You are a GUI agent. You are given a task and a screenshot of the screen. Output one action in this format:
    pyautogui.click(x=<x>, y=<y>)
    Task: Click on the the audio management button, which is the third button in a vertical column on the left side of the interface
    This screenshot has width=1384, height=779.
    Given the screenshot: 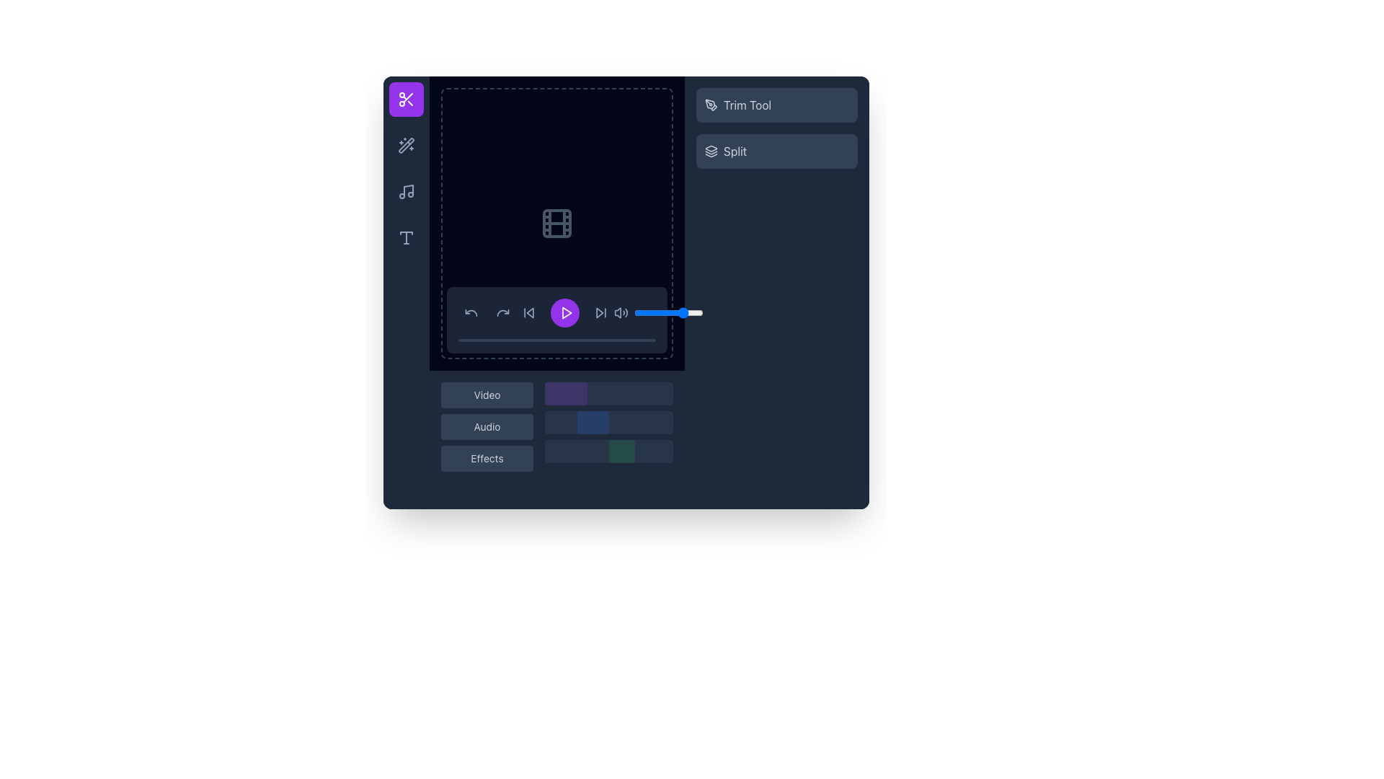 What is the action you would take?
    pyautogui.click(x=406, y=191)
    